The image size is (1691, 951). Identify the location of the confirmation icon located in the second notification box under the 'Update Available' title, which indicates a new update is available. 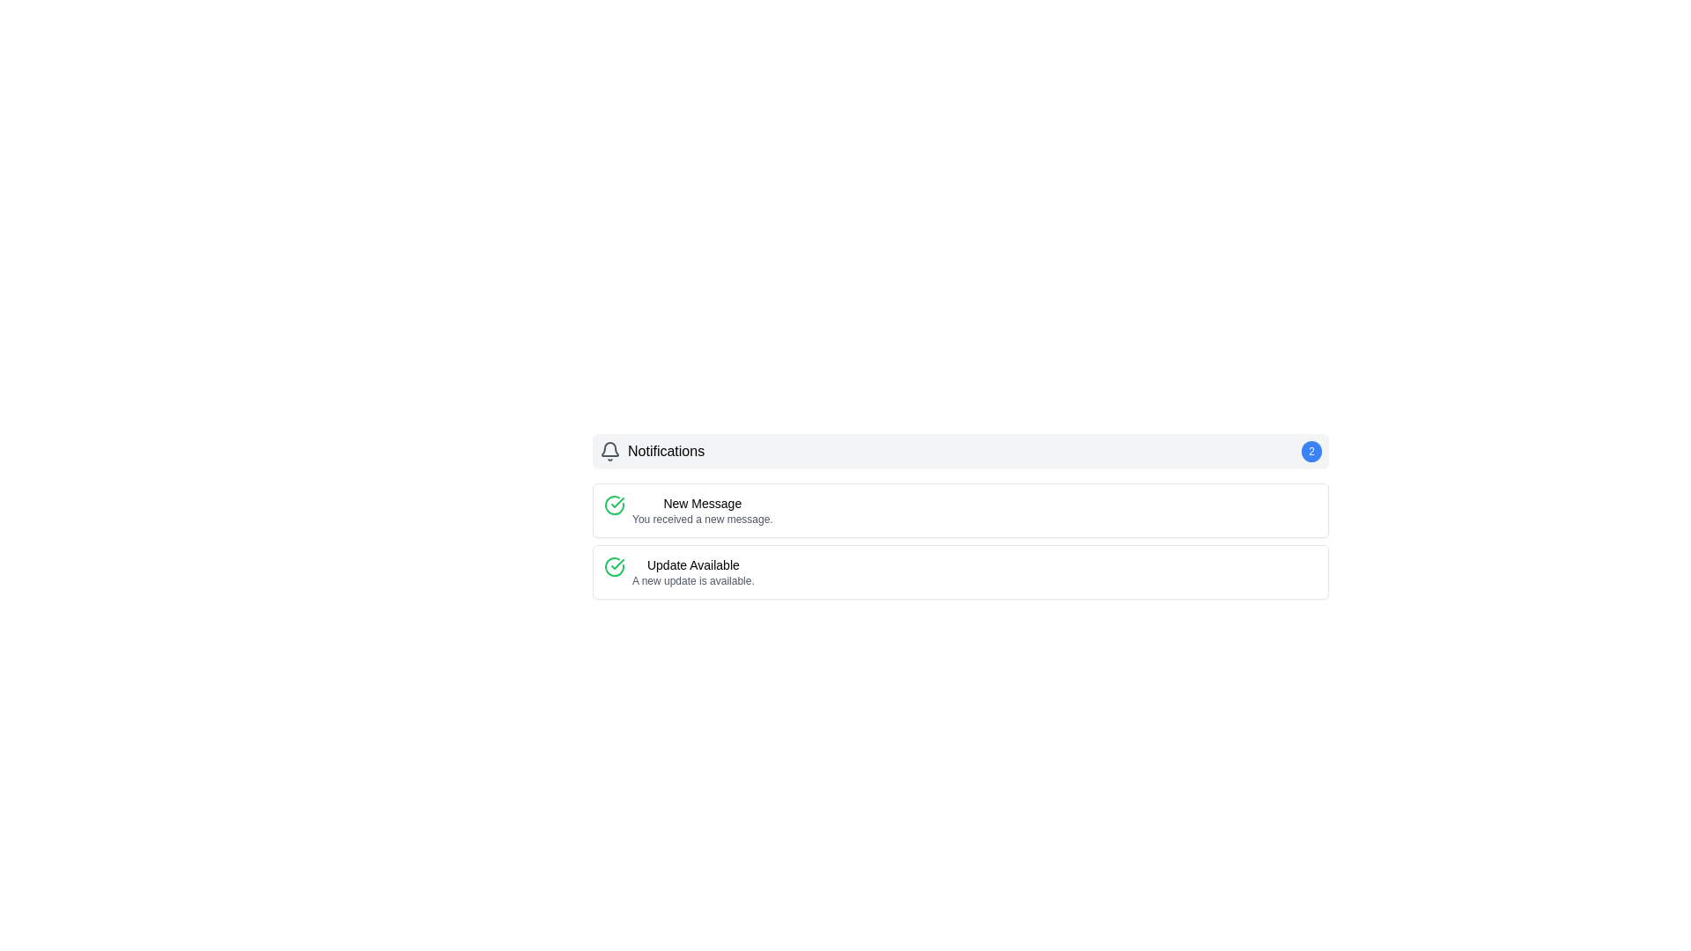
(614, 567).